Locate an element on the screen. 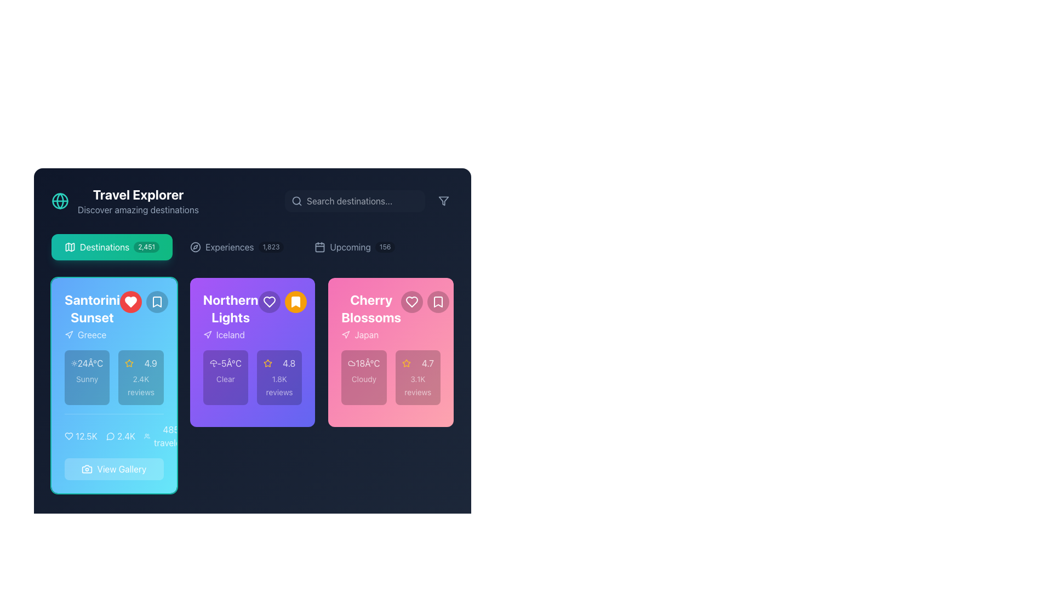  the 'Destinations' button located at the top left of the interface, directly below the application title 'Travel Explorer', for keyboard interaction is located at coordinates (112, 247).